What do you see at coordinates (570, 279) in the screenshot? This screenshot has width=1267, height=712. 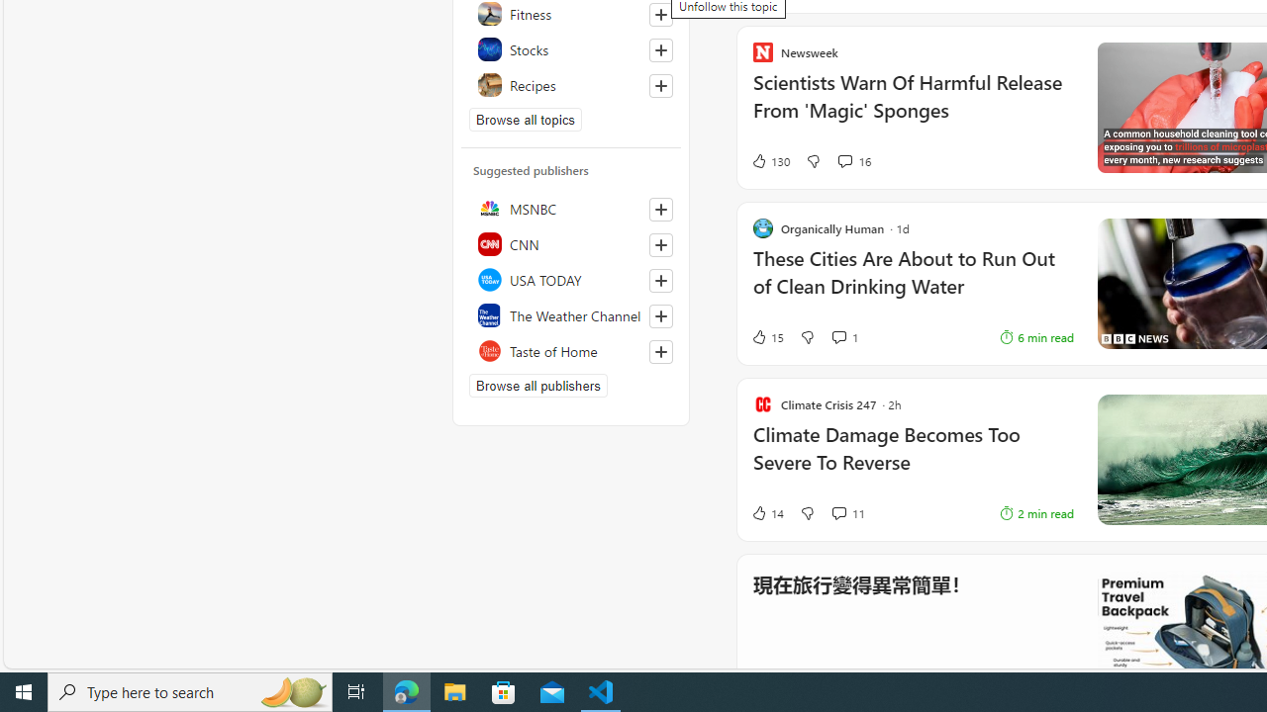 I see `'USA TODAY'` at bounding box center [570, 279].